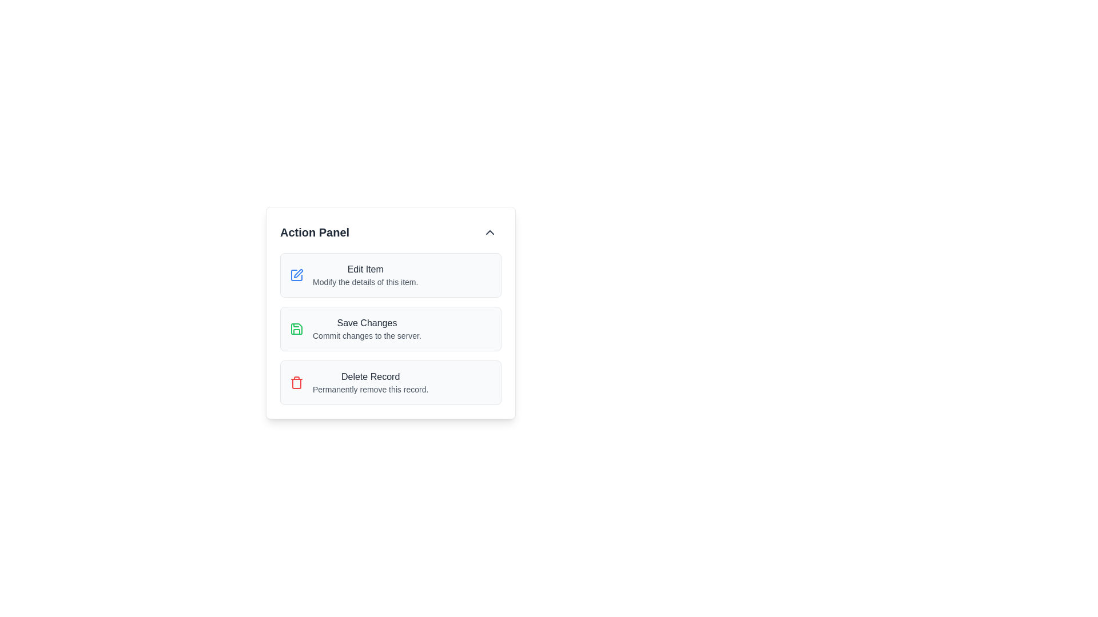  I want to click on the text element that reads 'Modify the details of this item.' which is styled in smaller, lighter gray text and positioned directly below the bold heading 'Edit Item', so click(365, 282).